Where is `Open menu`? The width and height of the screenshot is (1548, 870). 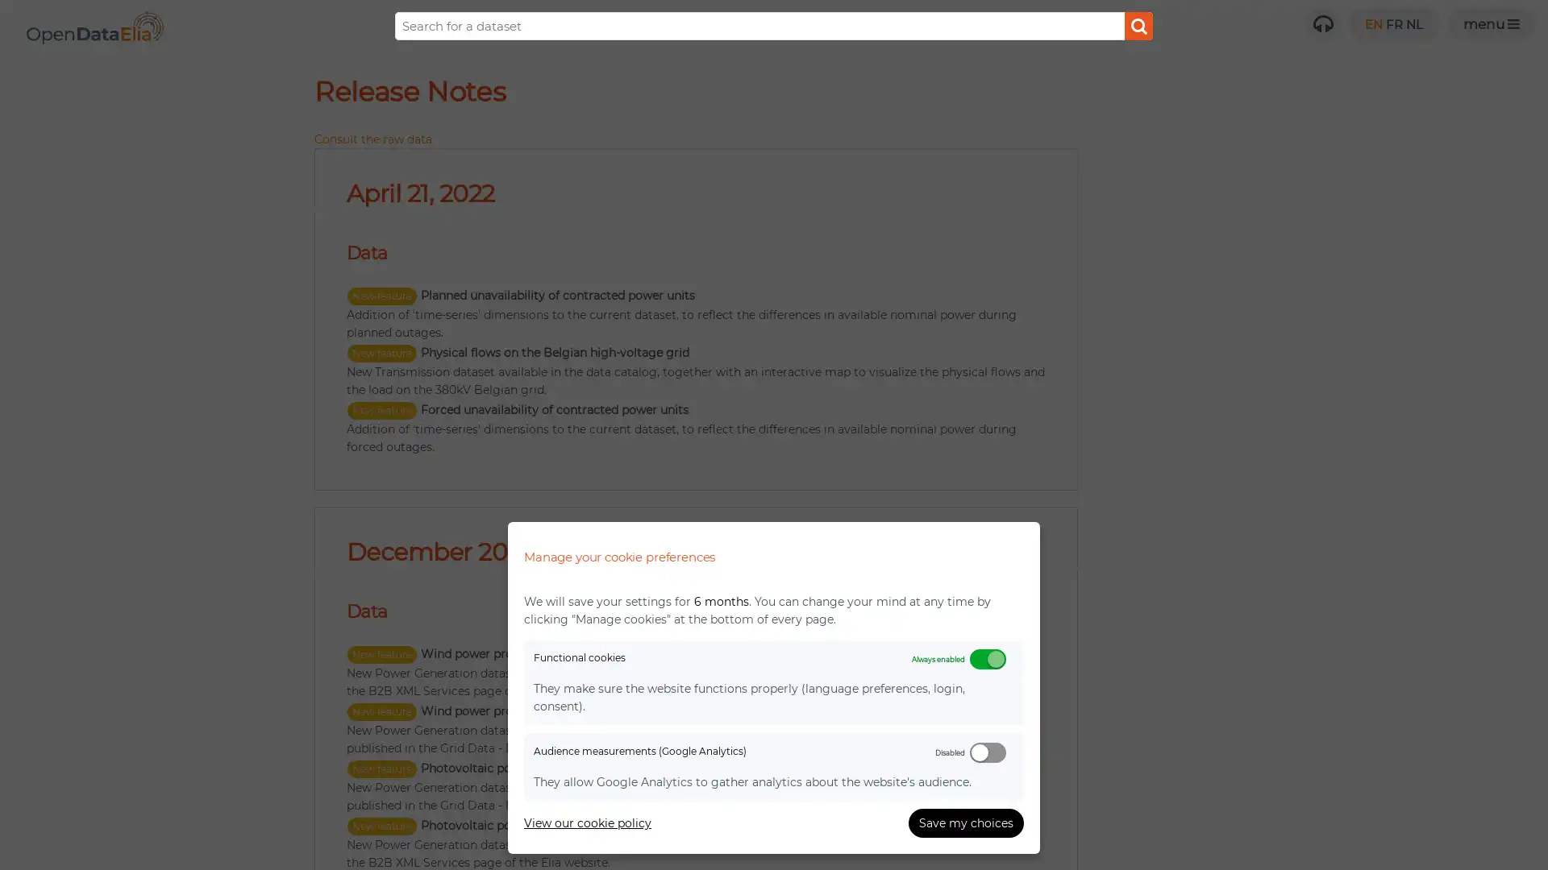
Open menu is located at coordinates (1490, 24).